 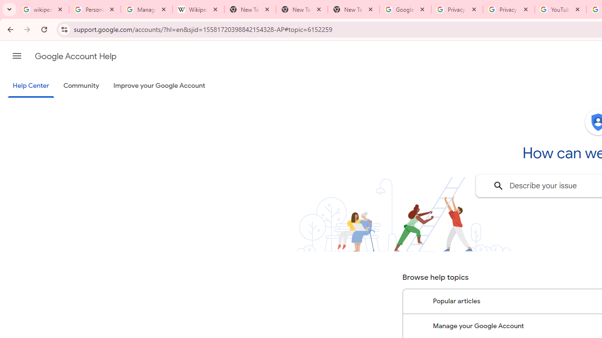 I want to click on 'Google Drive: Sign-in', so click(x=405, y=9).